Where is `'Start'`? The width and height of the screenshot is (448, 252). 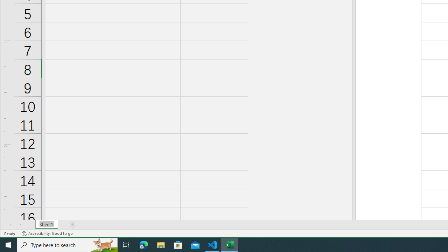
'Start' is located at coordinates (8, 244).